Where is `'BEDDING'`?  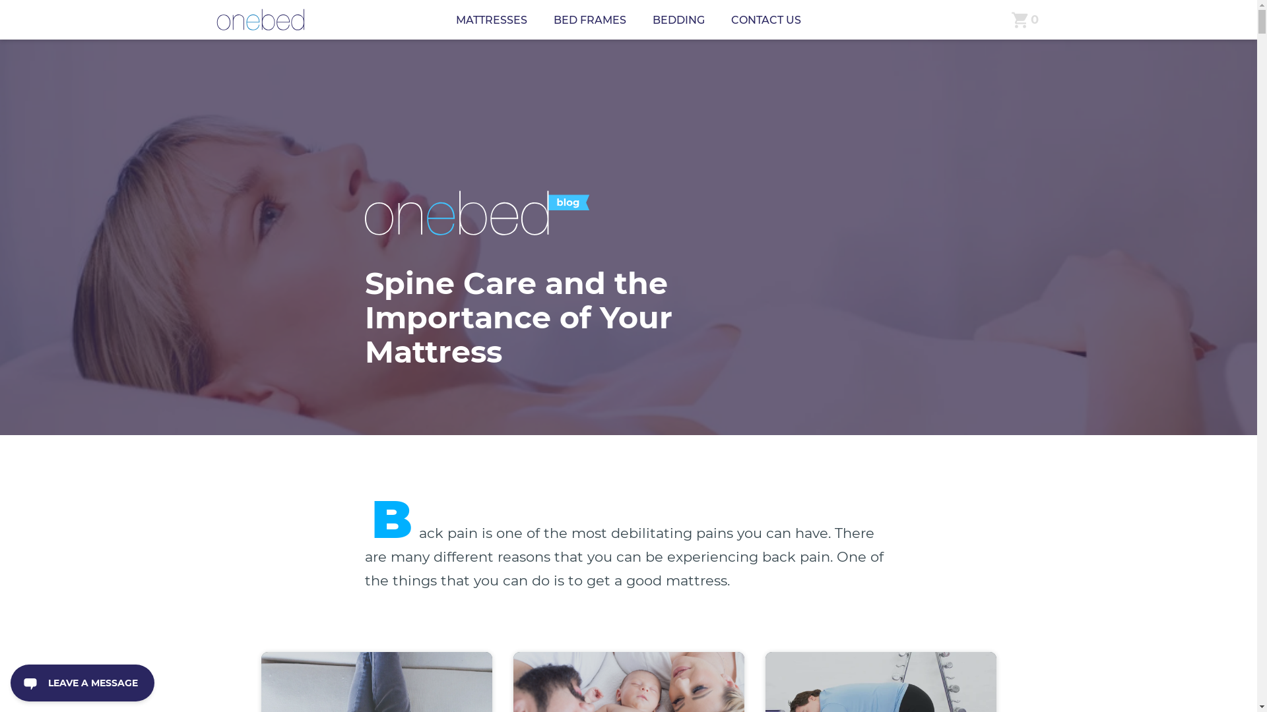 'BEDDING' is located at coordinates (652, 20).